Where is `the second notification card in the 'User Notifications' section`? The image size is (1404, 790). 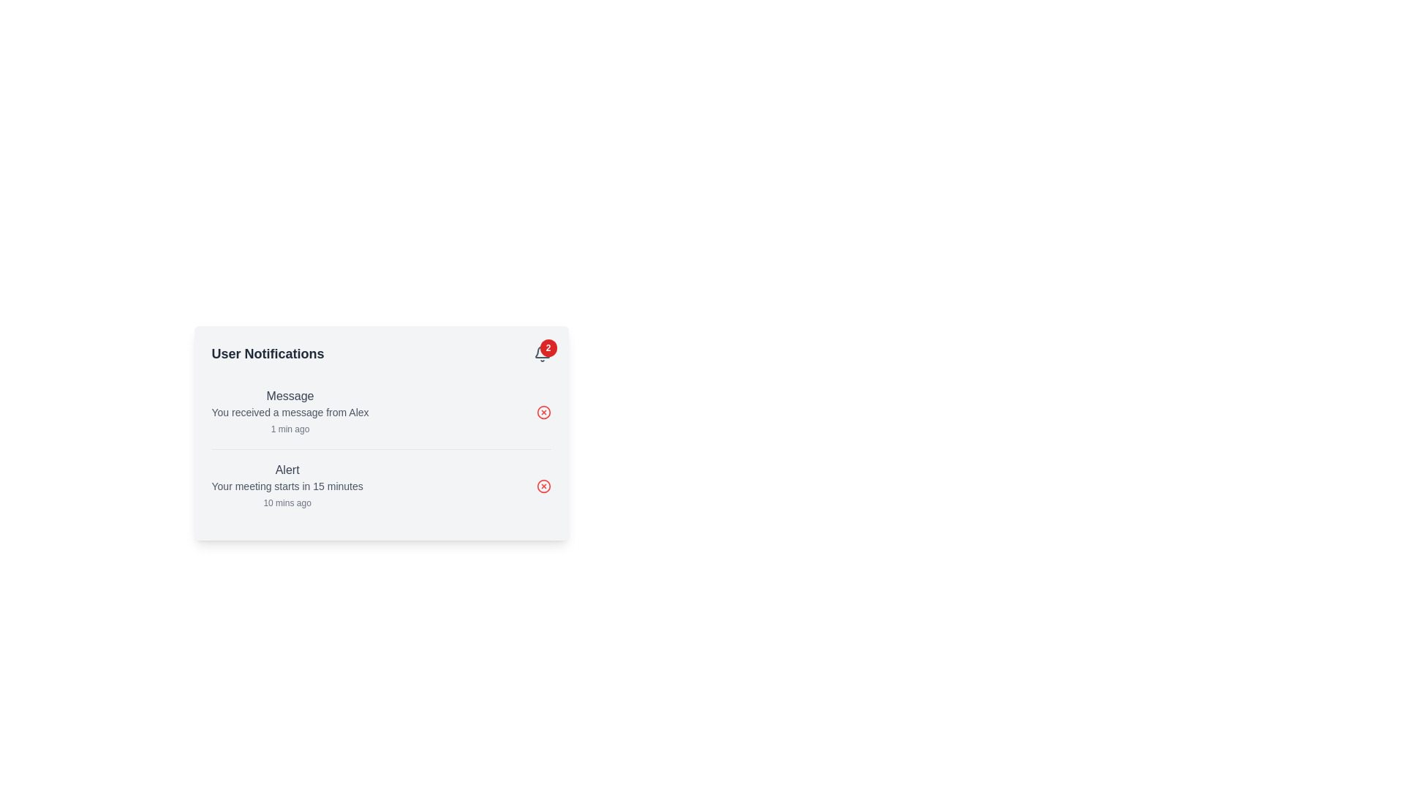 the second notification card in the 'User Notifications' section is located at coordinates (287, 486).